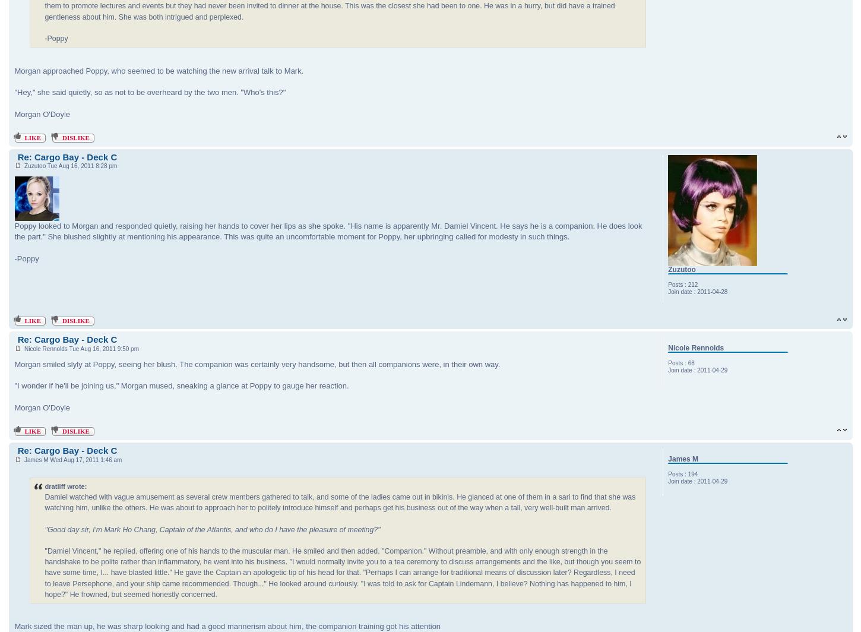  What do you see at coordinates (14, 364) in the screenshot?
I see `'Morgan smiled slyly at Poppy, seeing her blush. The companion was certainly very handsome, but then all companions were, in their own way.'` at bounding box center [14, 364].